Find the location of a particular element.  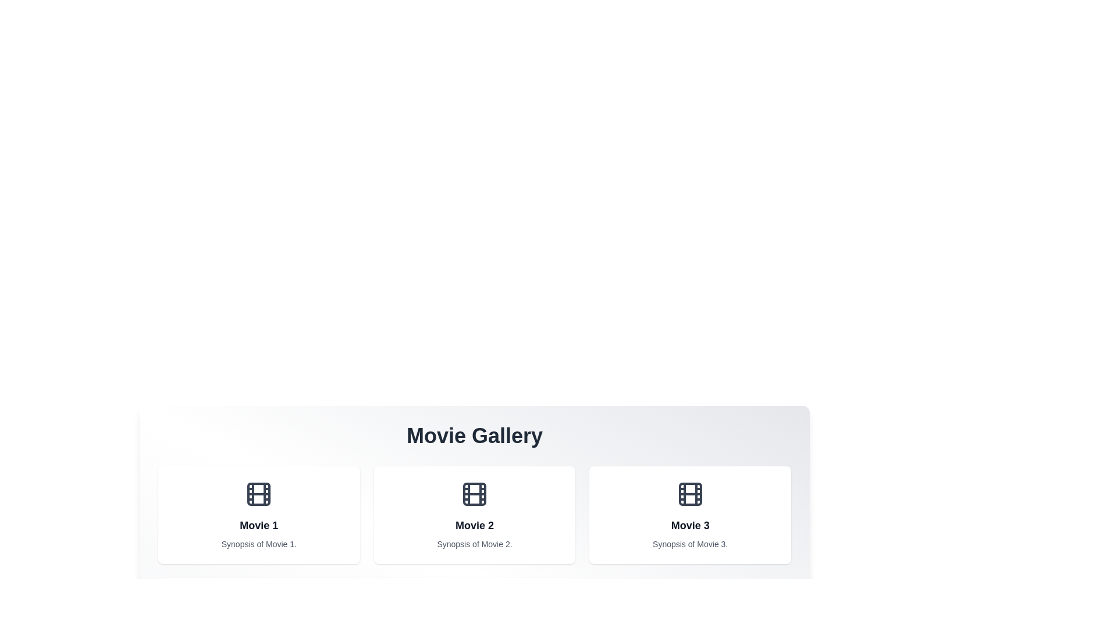

the static text element that serves as the title of the movie, located in the first card on the far left of a row of movie containers is located at coordinates (258, 525).